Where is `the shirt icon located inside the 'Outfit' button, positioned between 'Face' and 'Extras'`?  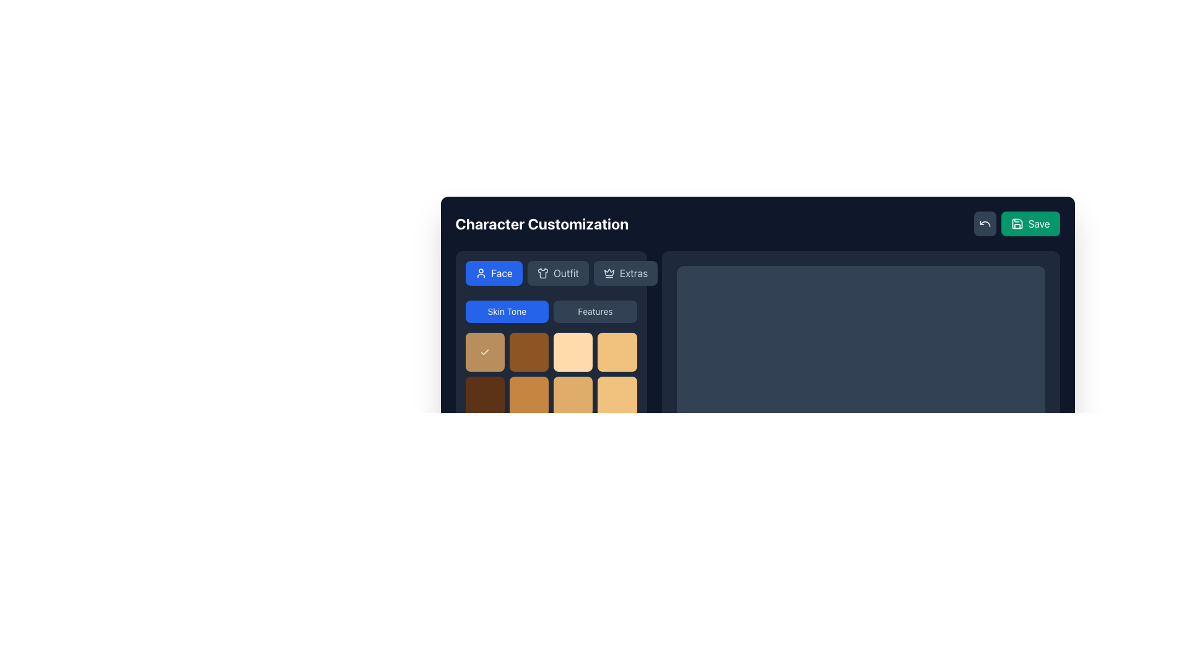
the shirt icon located inside the 'Outfit' button, positioned between 'Face' and 'Extras' is located at coordinates (542, 273).